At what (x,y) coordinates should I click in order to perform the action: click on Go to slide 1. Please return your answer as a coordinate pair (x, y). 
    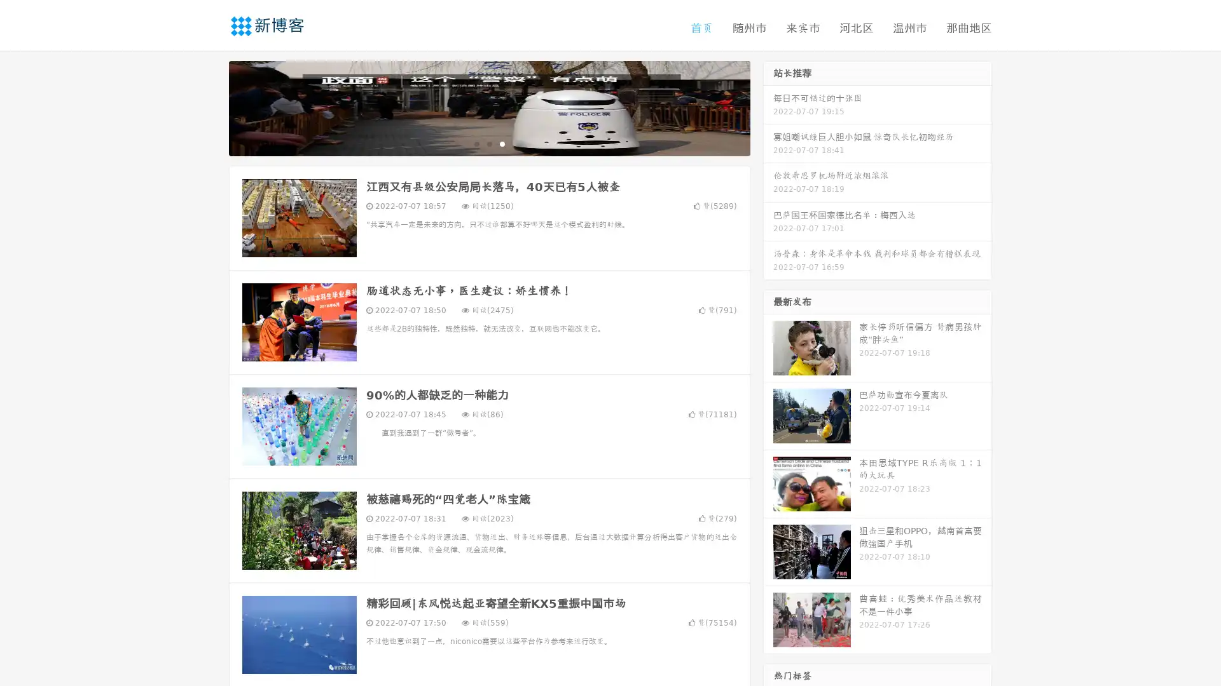
    Looking at the image, I should click on (476, 143).